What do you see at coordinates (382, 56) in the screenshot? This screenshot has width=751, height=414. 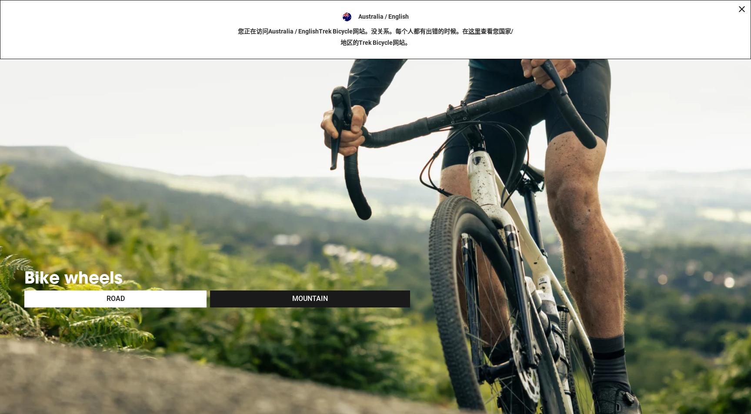 I see `'Australia / English'` at bounding box center [382, 56].